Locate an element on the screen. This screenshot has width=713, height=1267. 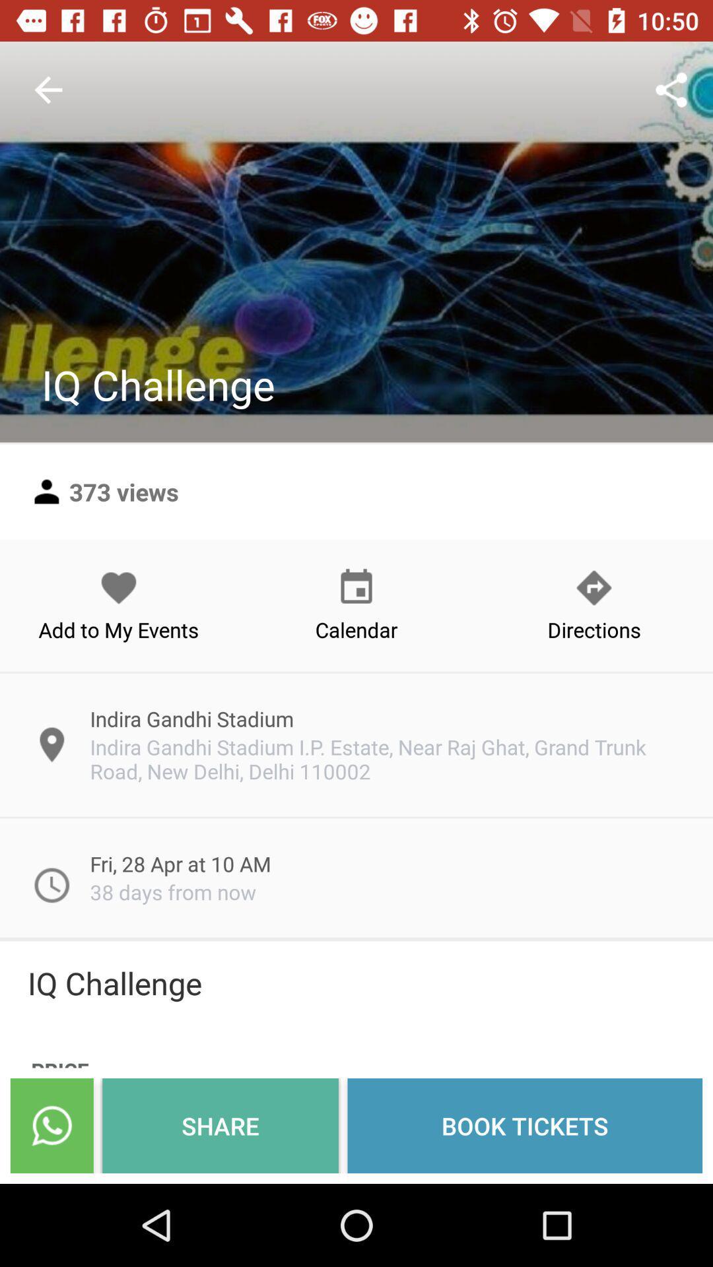
the icon next to calendar icon is located at coordinates (119, 604).